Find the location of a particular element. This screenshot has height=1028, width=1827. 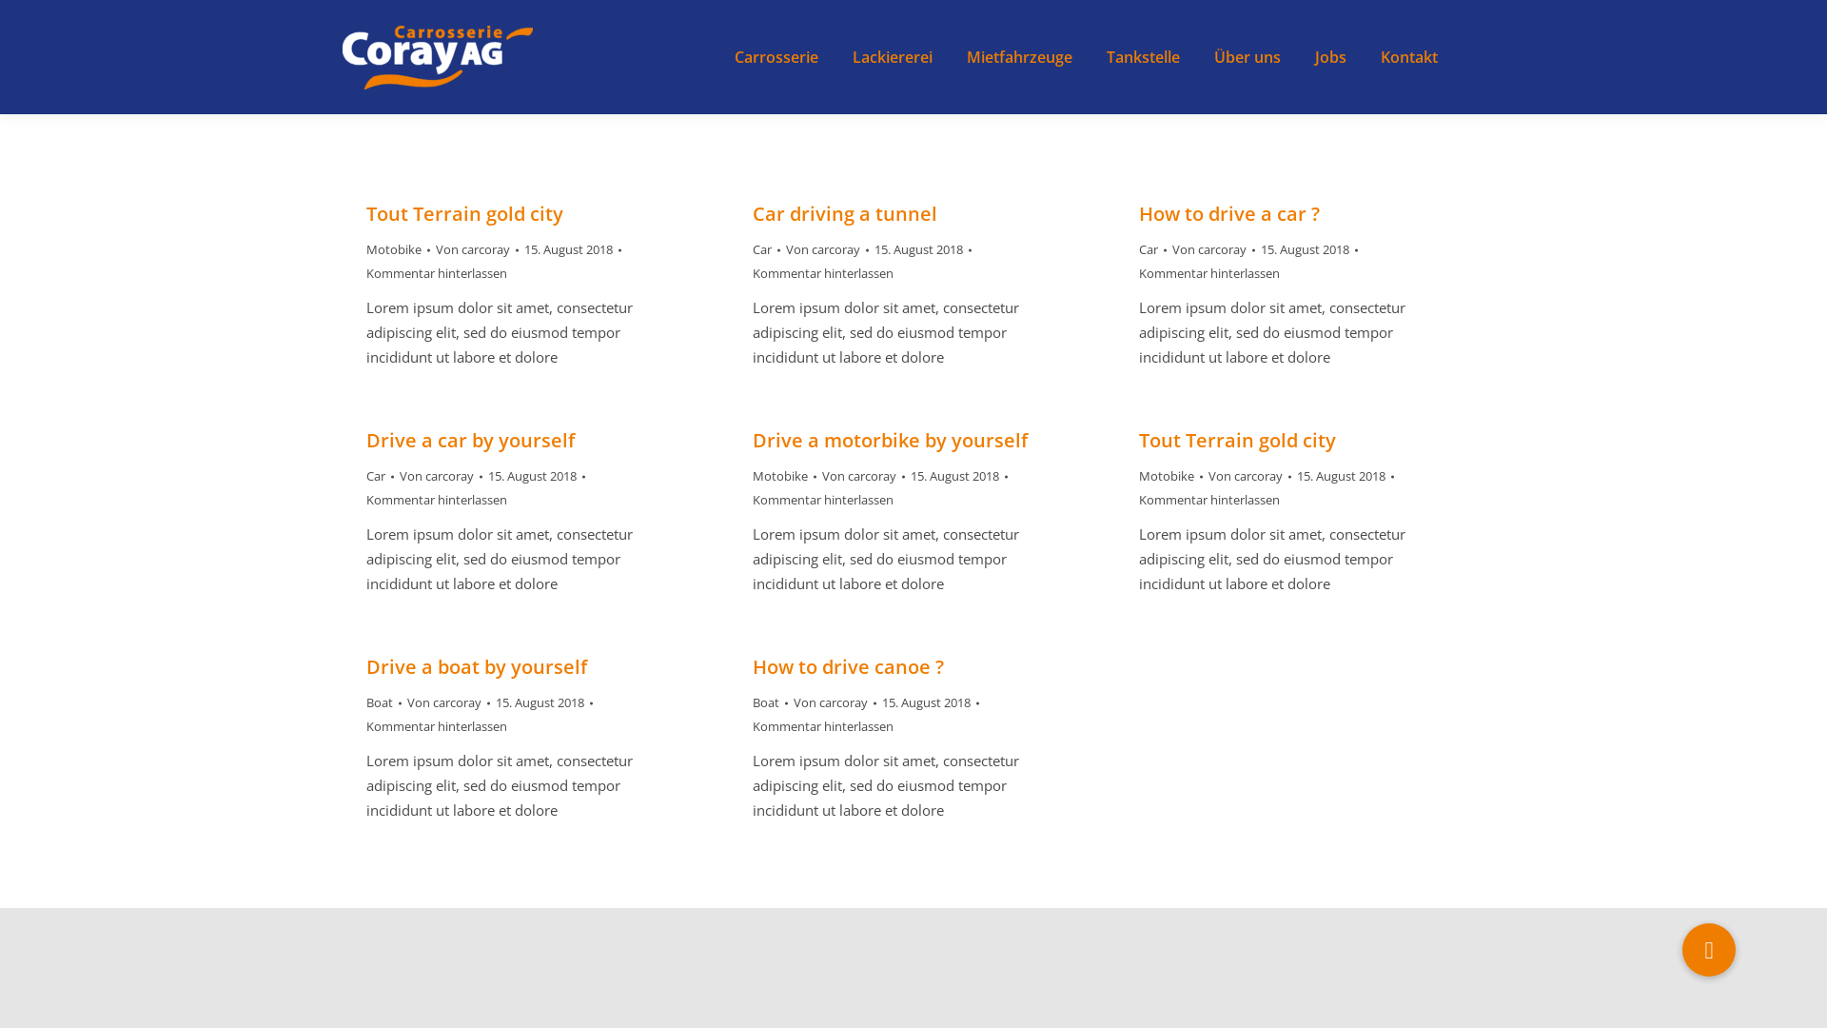

'Car driving a tunnel' is located at coordinates (844, 213).